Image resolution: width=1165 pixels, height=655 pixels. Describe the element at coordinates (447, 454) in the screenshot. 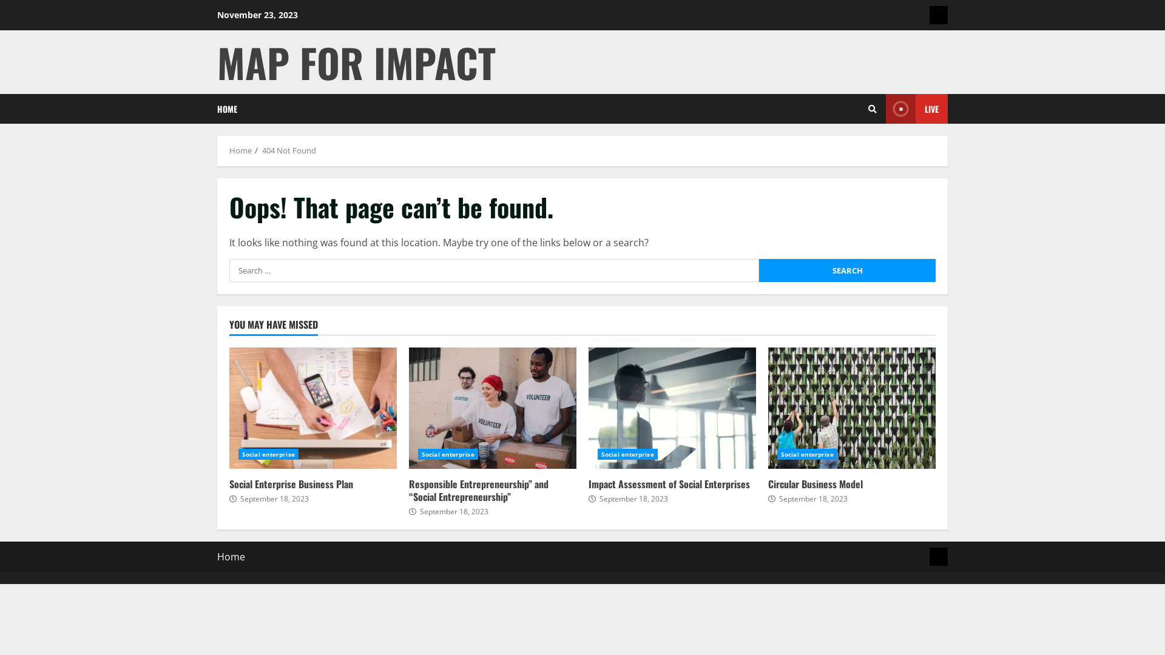

I see `'Social enterprise'` at that location.